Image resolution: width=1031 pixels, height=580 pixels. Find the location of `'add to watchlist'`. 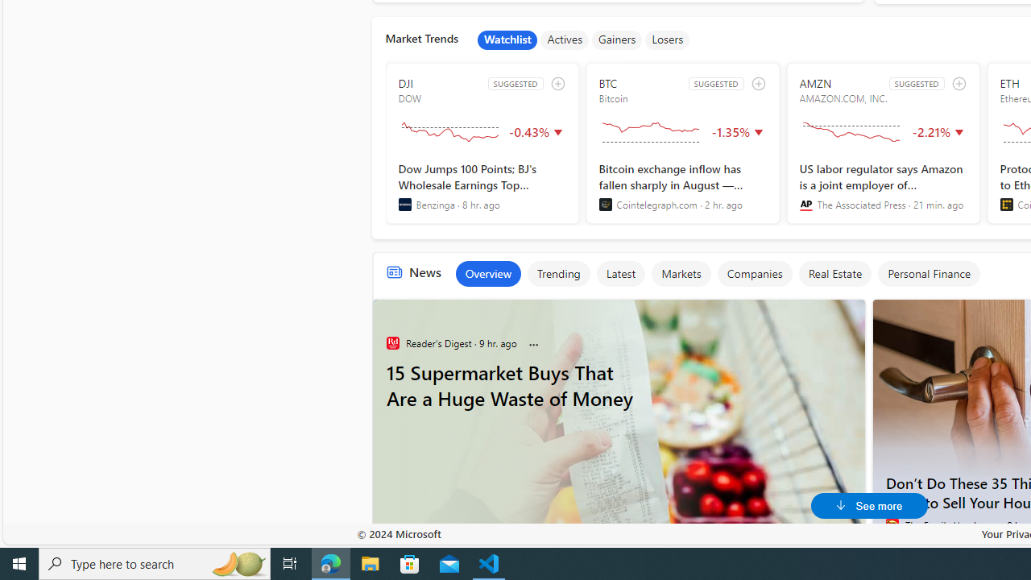

'add to watchlist' is located at coordinates (959, 84).